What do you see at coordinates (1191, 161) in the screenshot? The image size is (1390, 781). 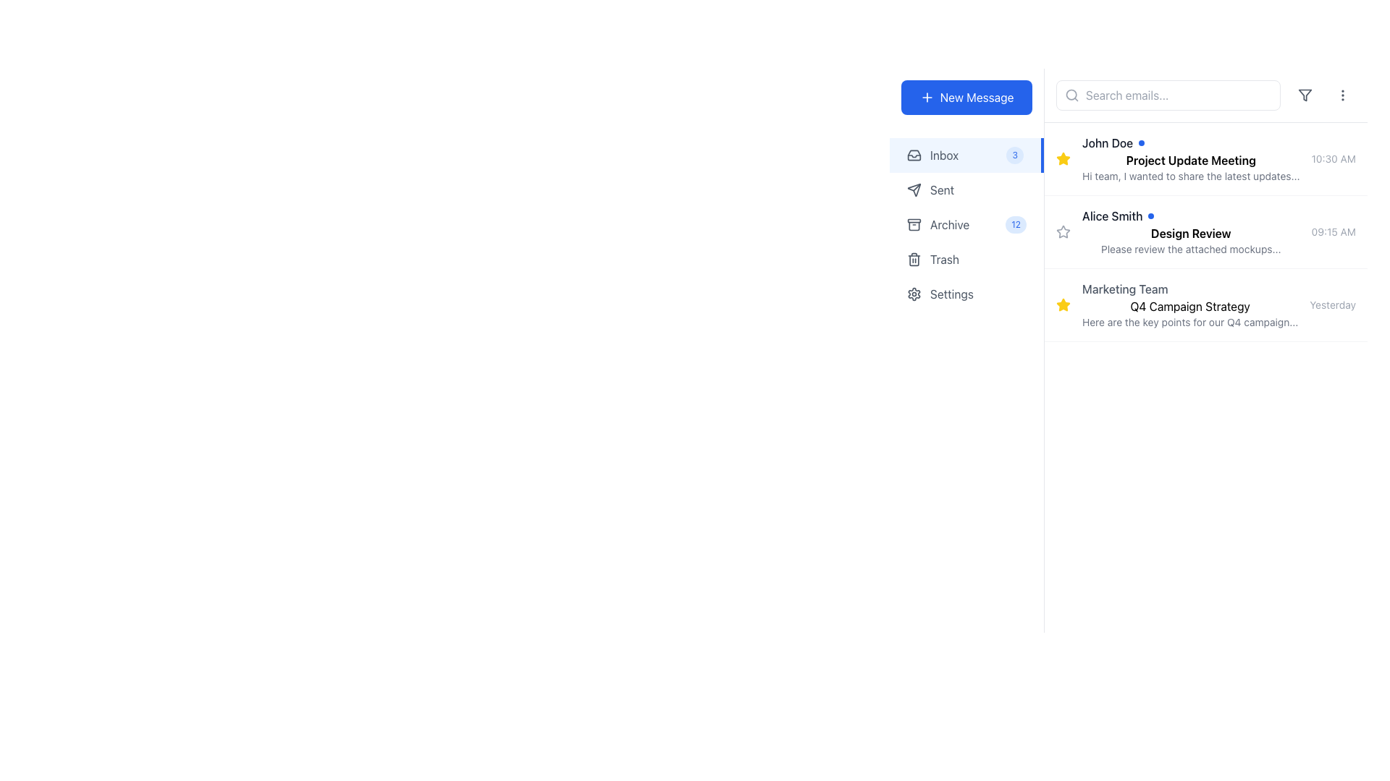 I see `the 'Project Update Meeting' text label in bold font, which is displayed as a title under the sender's name in the email preview from 'John Doe'` at bounding box center [1191, 161].